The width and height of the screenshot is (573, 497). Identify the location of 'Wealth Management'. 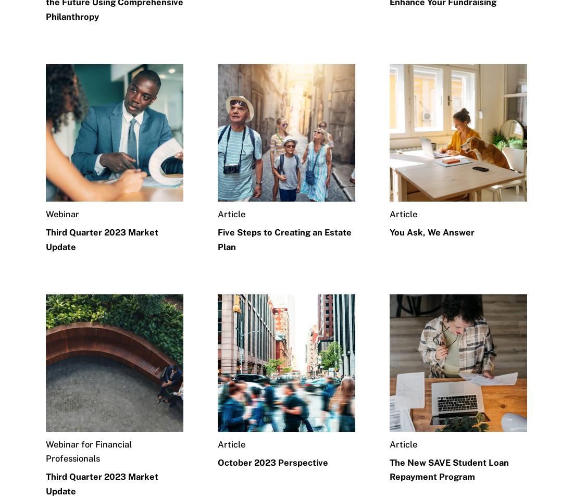
(332, 35).